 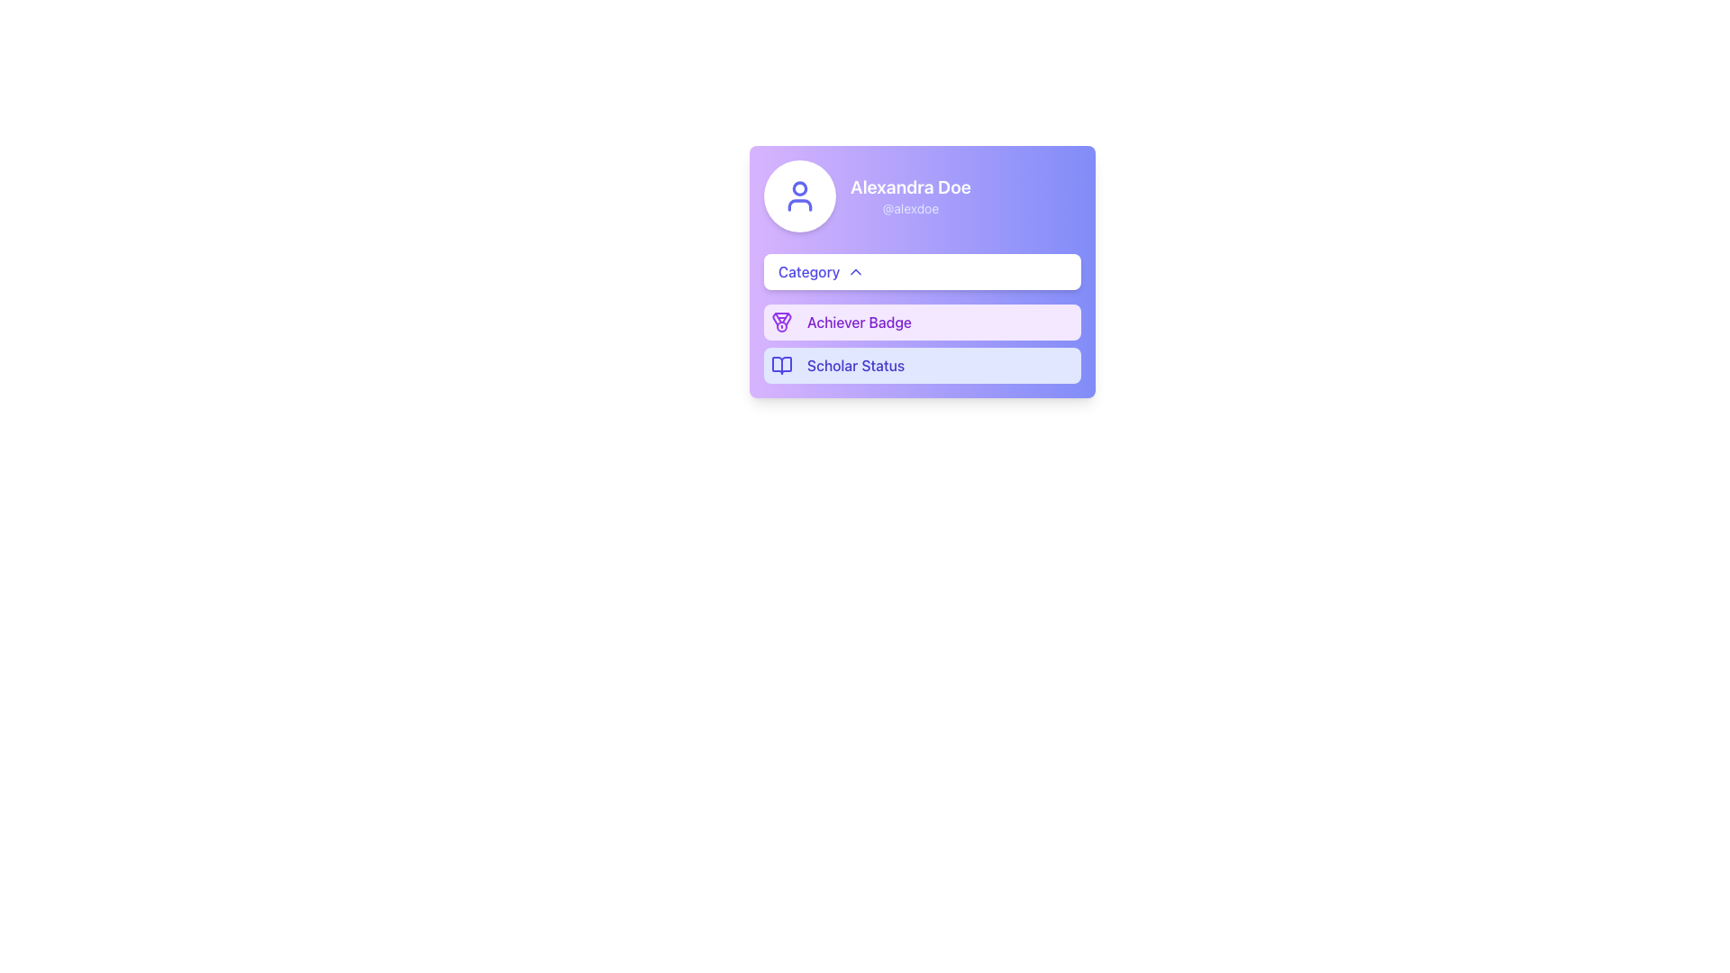 What do you see at coordinates (922, 196) in the screenshot?
I see `the Profile Card Header, which displays the user's name, username, and profile icon, located at the top center of the user profile section` at bounding box center [922, 196].